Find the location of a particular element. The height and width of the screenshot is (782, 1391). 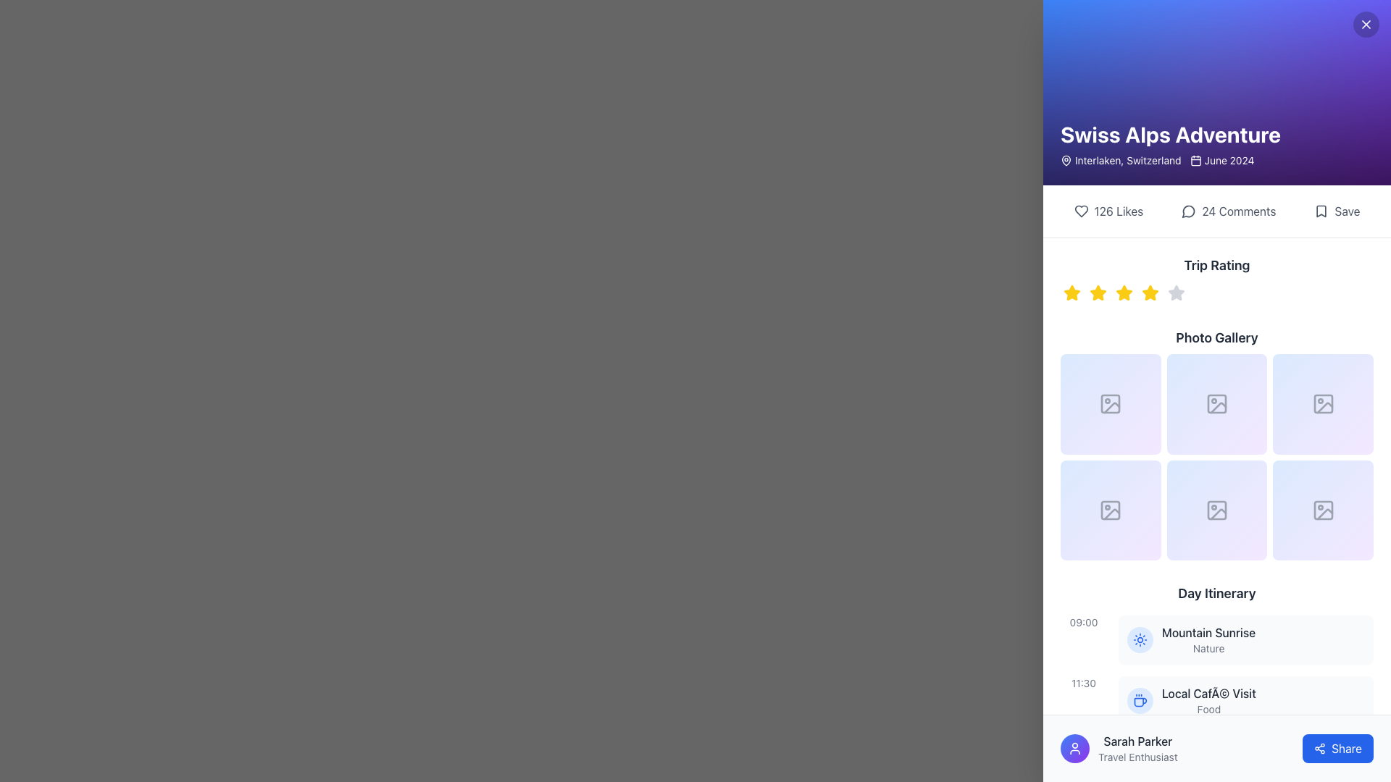

the bookmark icon located in the interactive 'Save' area at the top-right side below the title 'Swiss Alps Adventure'. The icon represents the save function and is defined by a dark stroke with no fill is located at coordinates (1321, 211).